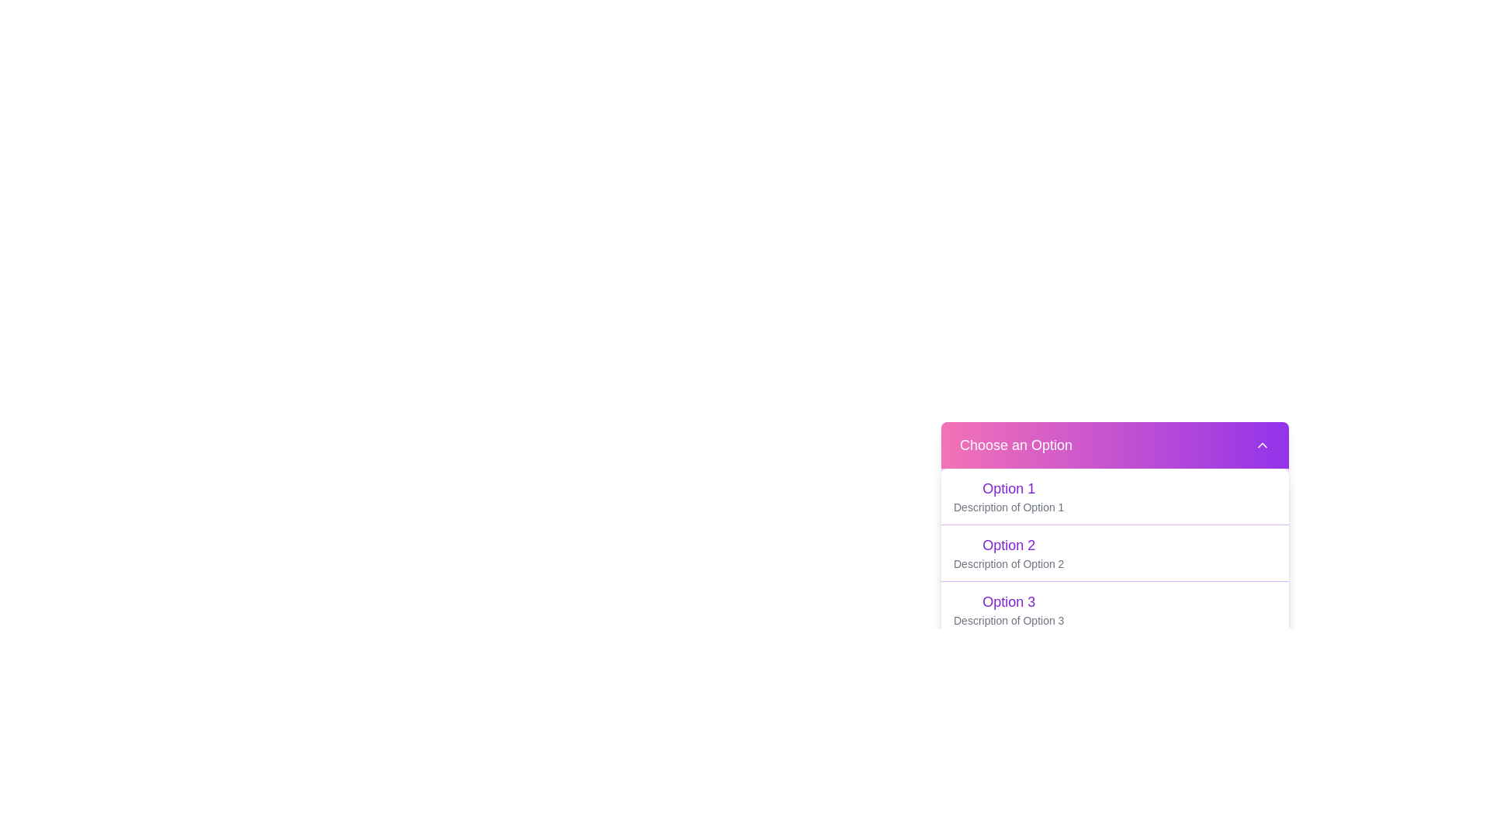 Image resolution: width=1490 pixels, height=838 pixels. Describe the element at coordinates (1009, 497) in the screenshot. I see `the first selectable list item labeled 'Option 1' in the dropdown menu` at that location.